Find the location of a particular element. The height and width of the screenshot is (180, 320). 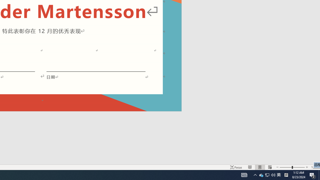

'User Promoted Notification Area' is located at coordinates (267, 174).